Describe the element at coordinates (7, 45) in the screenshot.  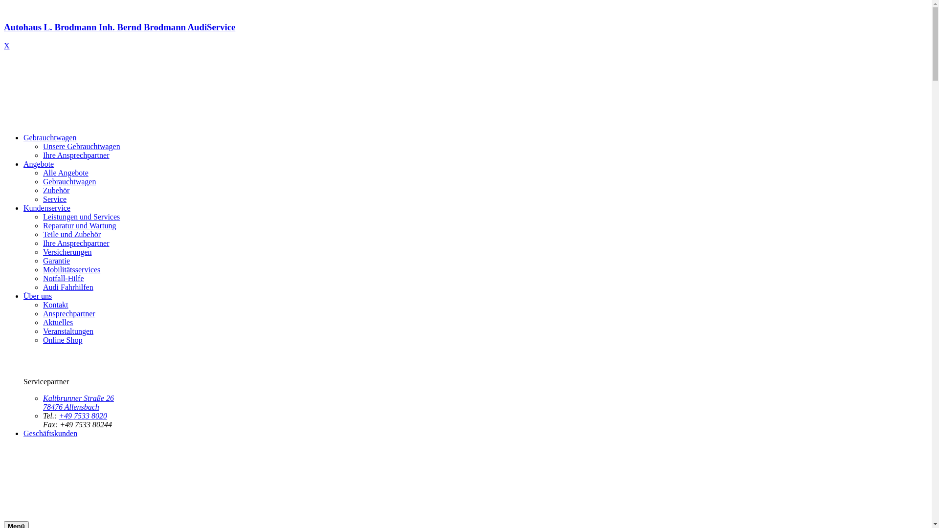
I see `'X'` at that location.